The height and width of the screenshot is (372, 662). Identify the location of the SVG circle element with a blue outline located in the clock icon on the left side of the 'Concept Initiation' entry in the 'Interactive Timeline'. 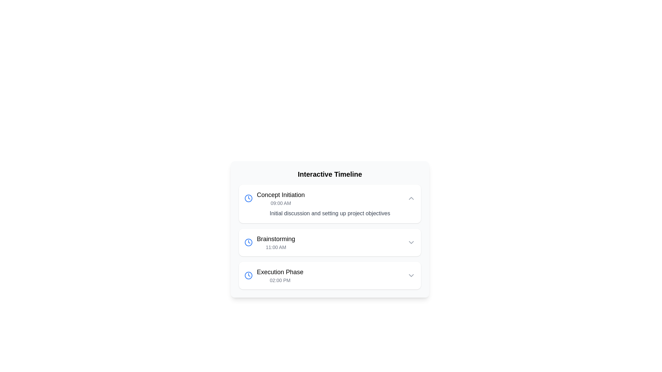
(248, 198).